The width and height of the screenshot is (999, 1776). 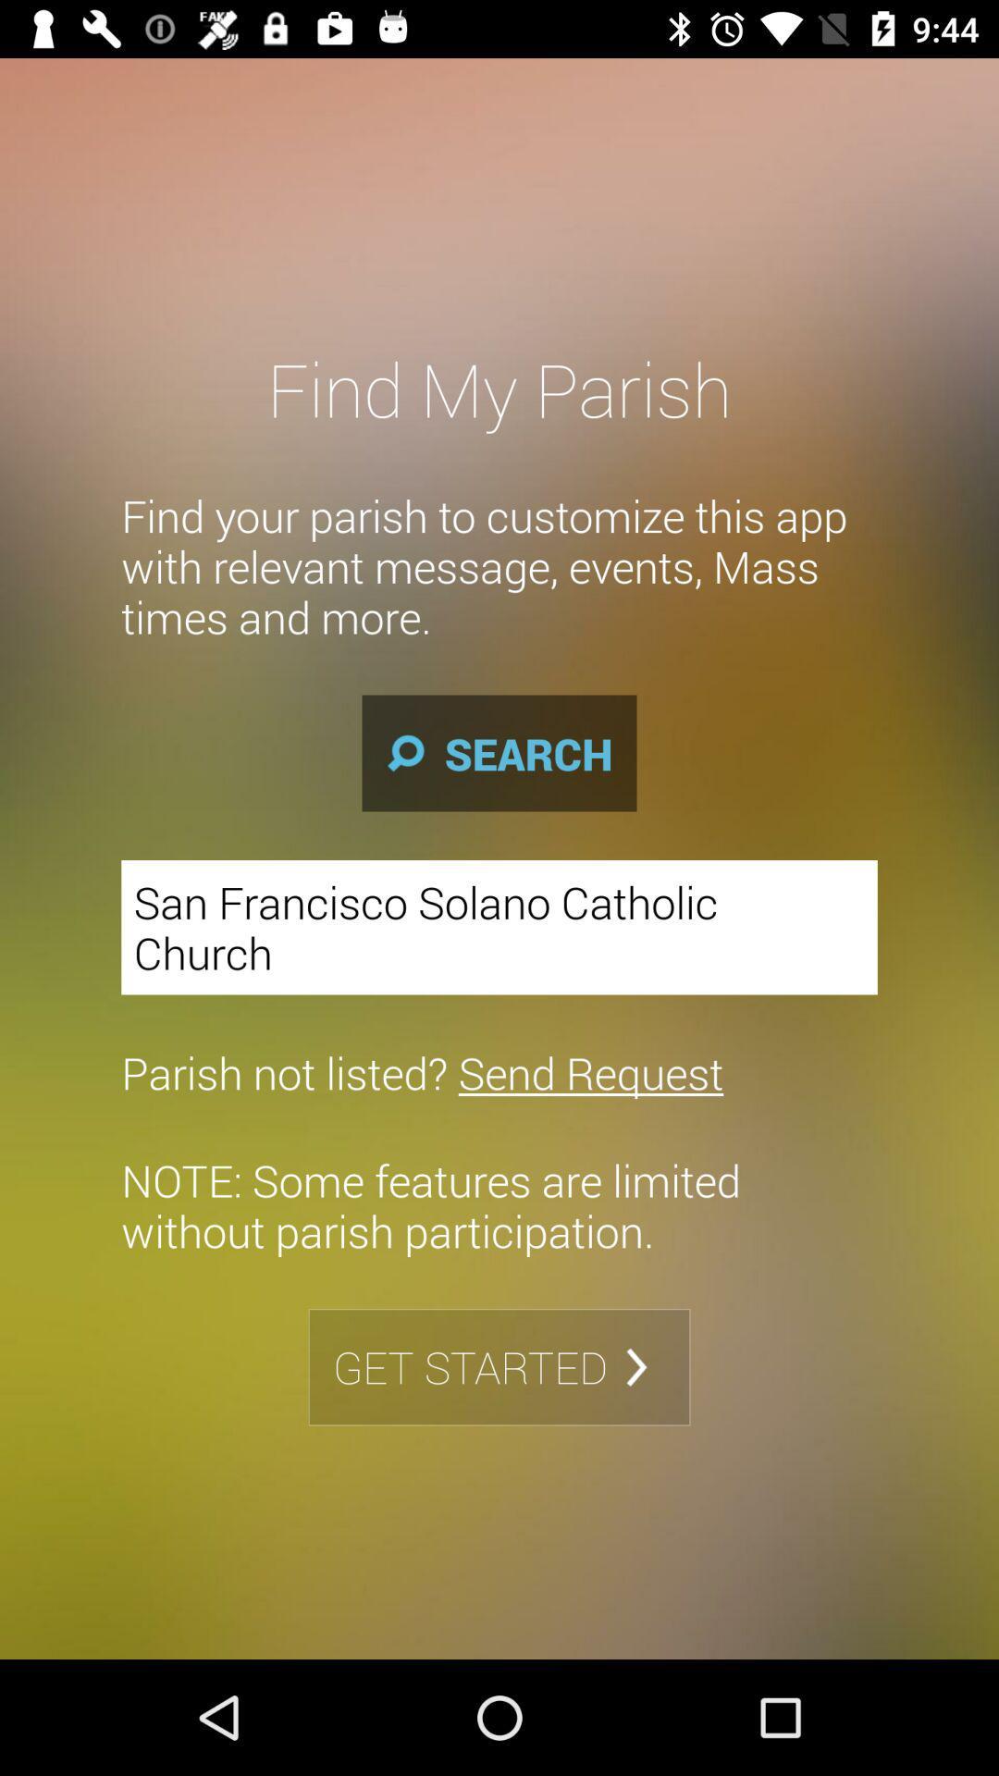 What do you see at coordinates (499, 753) in the screenshot?
I see `icon below find your parish item` at bounding box center [499, 753].